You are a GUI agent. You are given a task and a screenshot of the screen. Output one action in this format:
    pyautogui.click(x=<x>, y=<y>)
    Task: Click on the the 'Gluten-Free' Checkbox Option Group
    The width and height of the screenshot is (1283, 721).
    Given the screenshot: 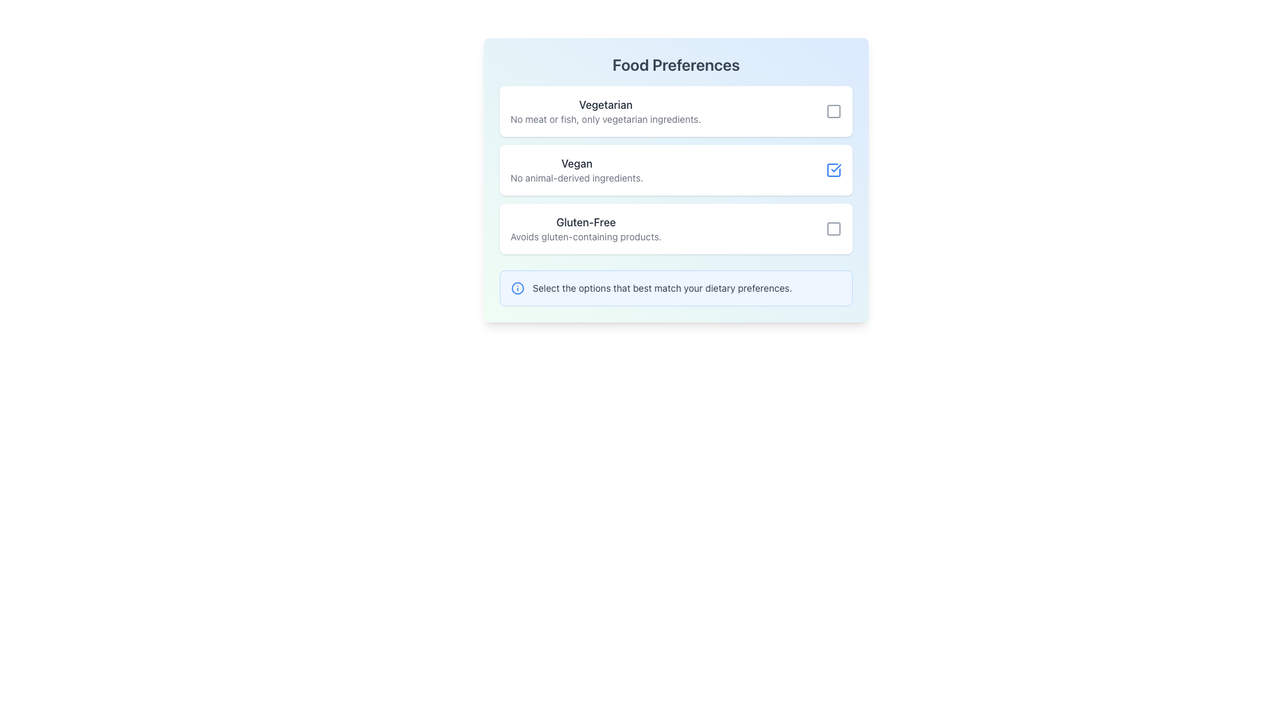 What is the action you would take?
    pyautogui.click(x=676, y=228)
    